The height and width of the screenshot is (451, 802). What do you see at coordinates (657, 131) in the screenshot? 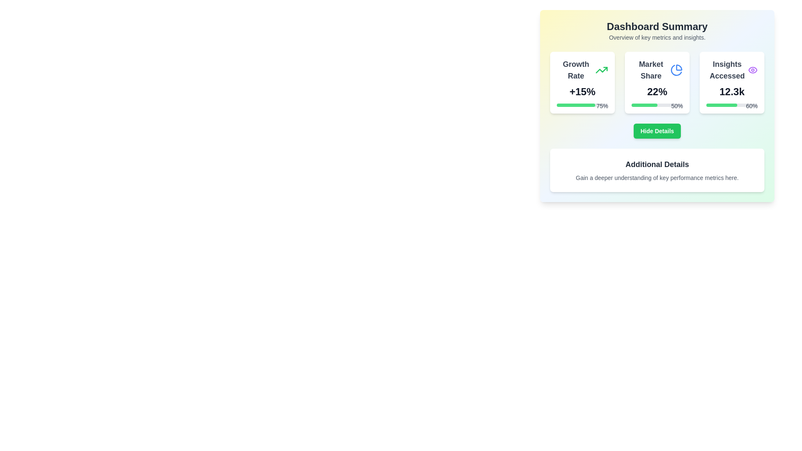
I see `the button located at the center bottom of the main widget displaying dashboards to hide additional details currently displayed in the overview` at bounding box center [657, 131].